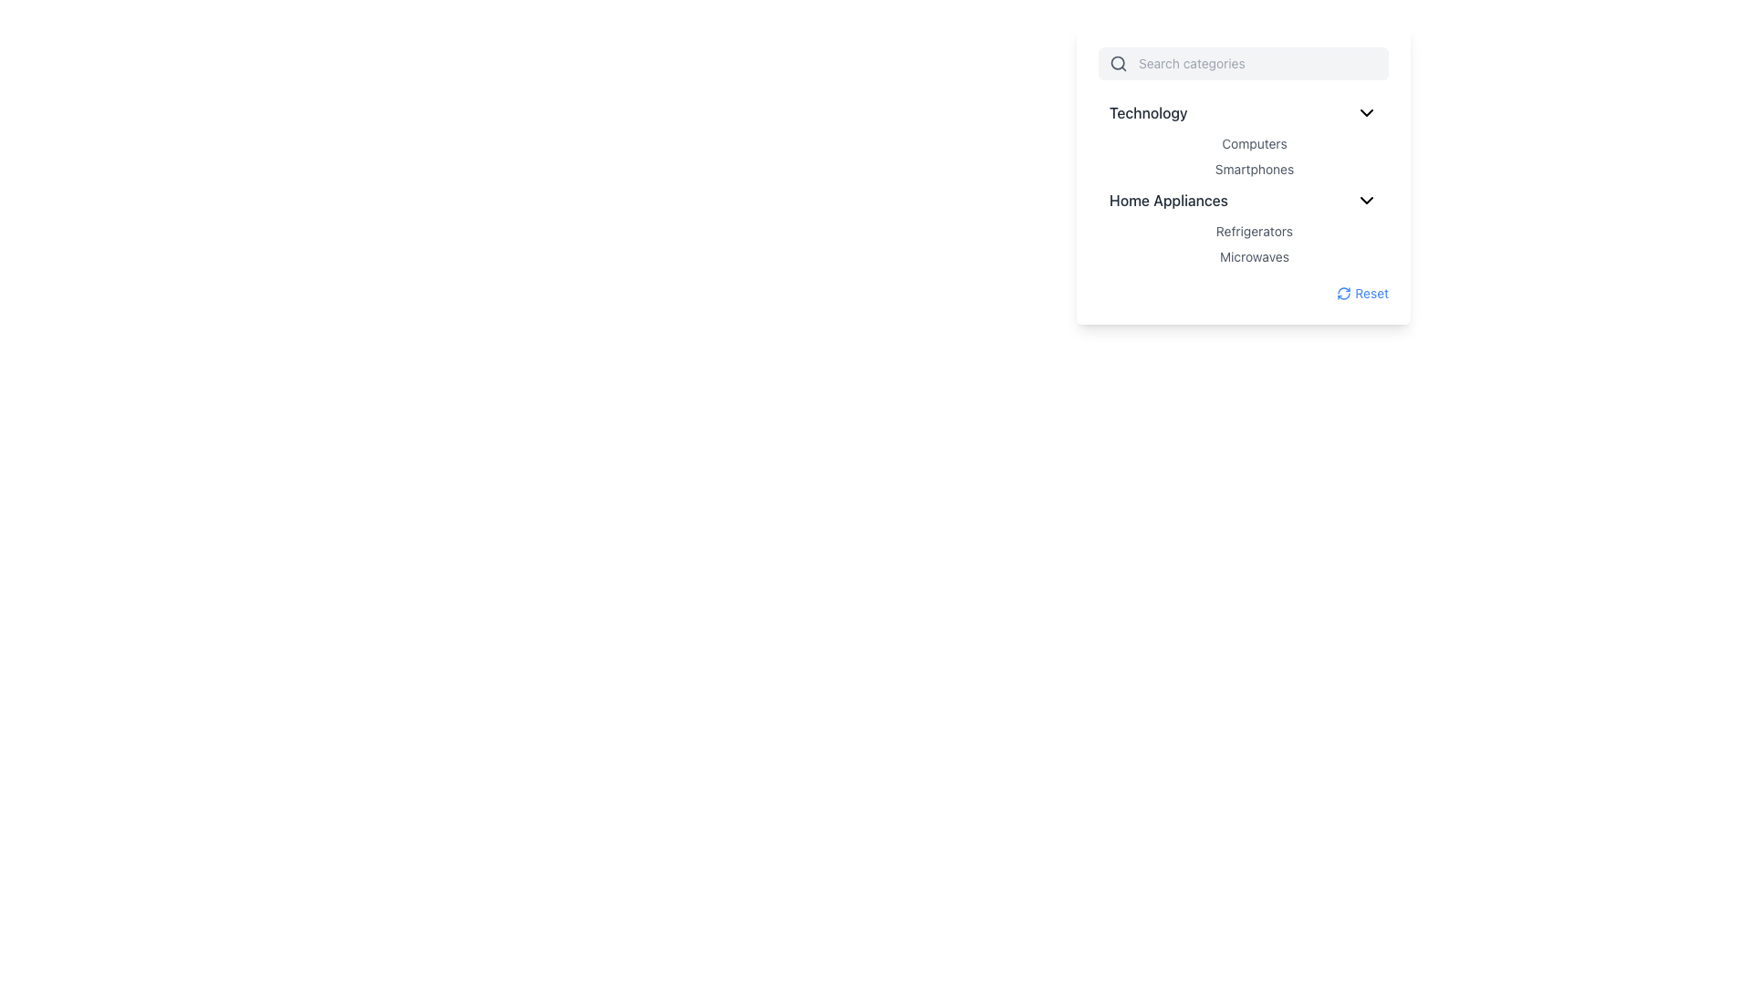  What do you see at coordinates (1253, 231) in the screenshot?
I see `the Static Text Label displaying 'Refrigerators' with a small font size and gray color located above the 'Microwaves' option in the 'Home Appliances' section of the dropdown menu` at bounding box center [1253, 231].